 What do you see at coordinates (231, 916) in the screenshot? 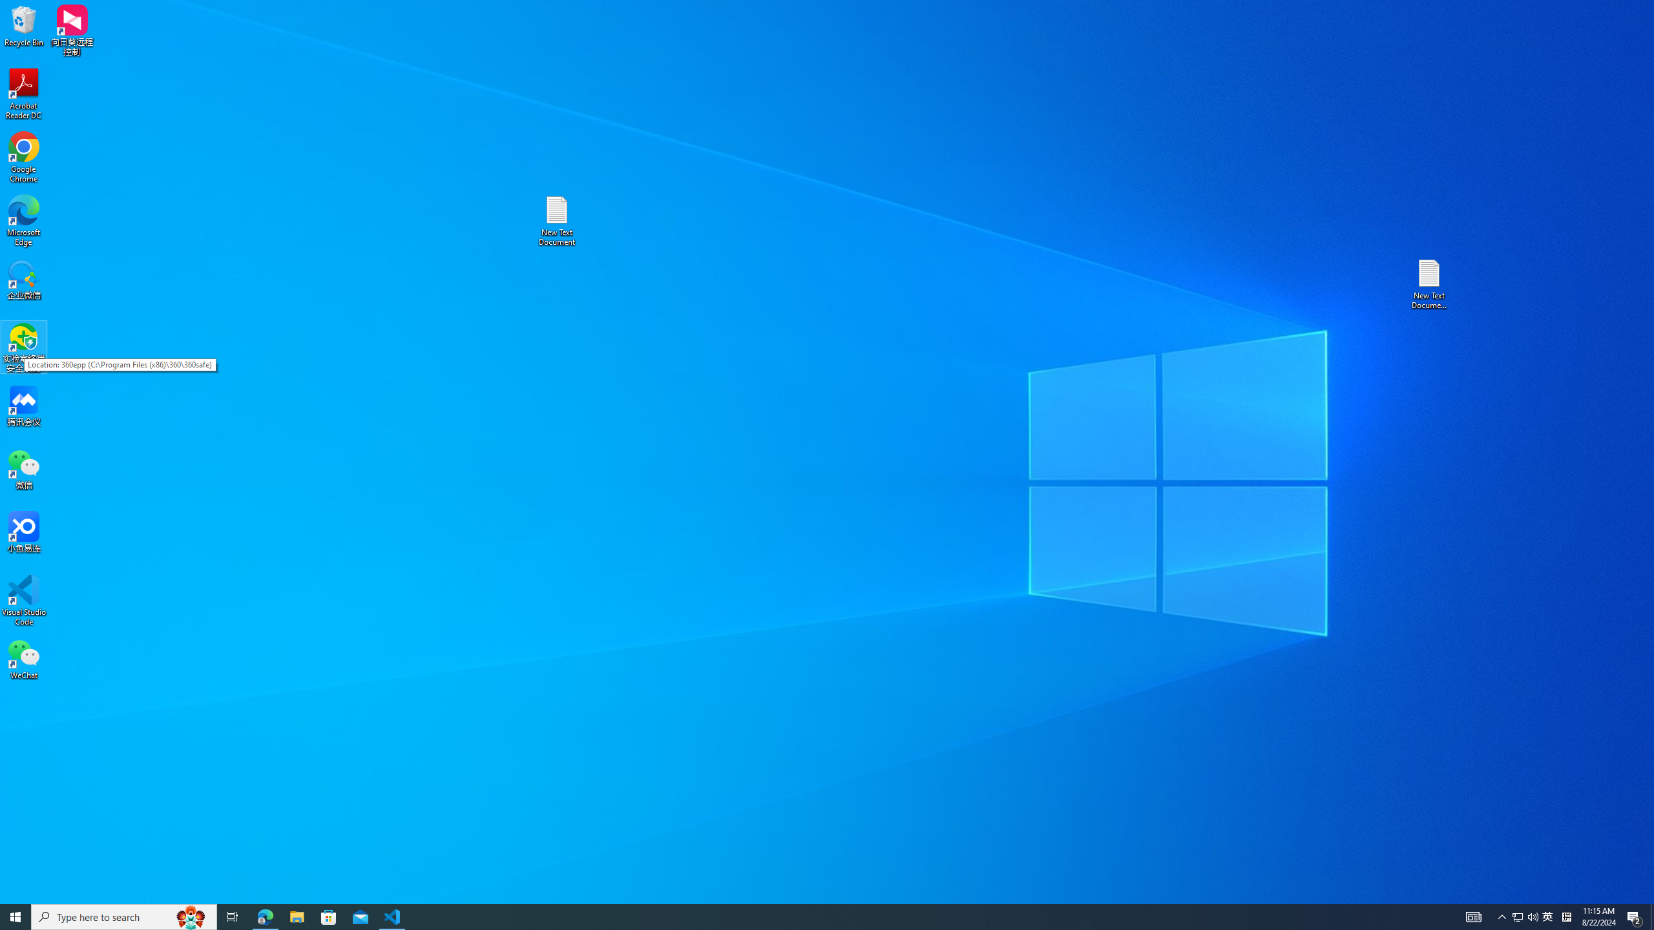
I see `'Task View'` at bounding box center [231, 916].